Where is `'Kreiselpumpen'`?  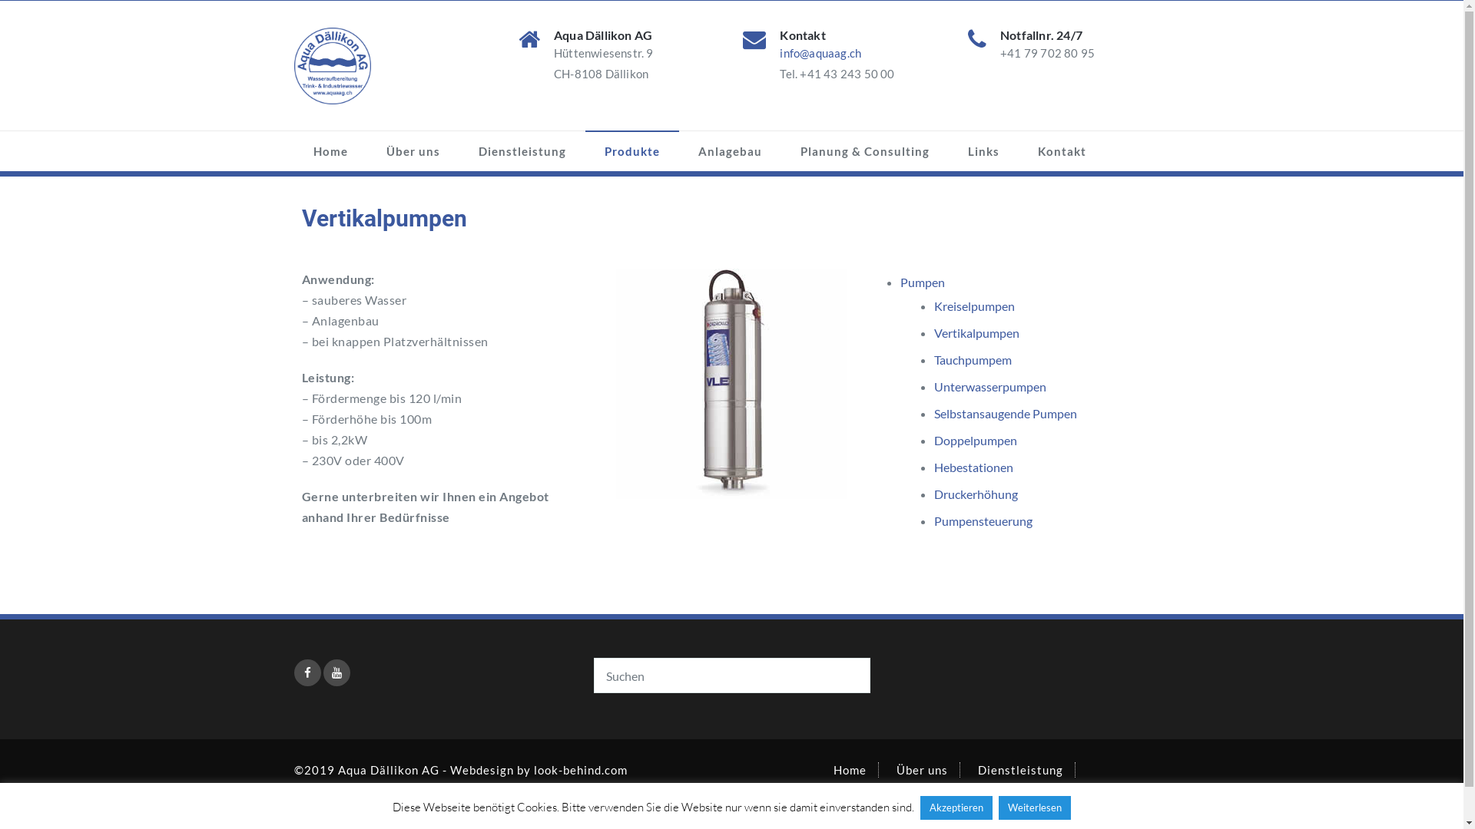 'Kreiselpumpen' is located at coordinates (973, 306).